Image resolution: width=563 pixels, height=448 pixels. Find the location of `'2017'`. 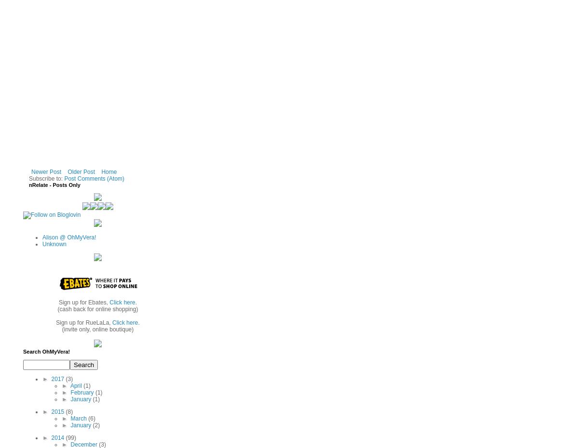

'2017' is located at coordinates (58, 378).